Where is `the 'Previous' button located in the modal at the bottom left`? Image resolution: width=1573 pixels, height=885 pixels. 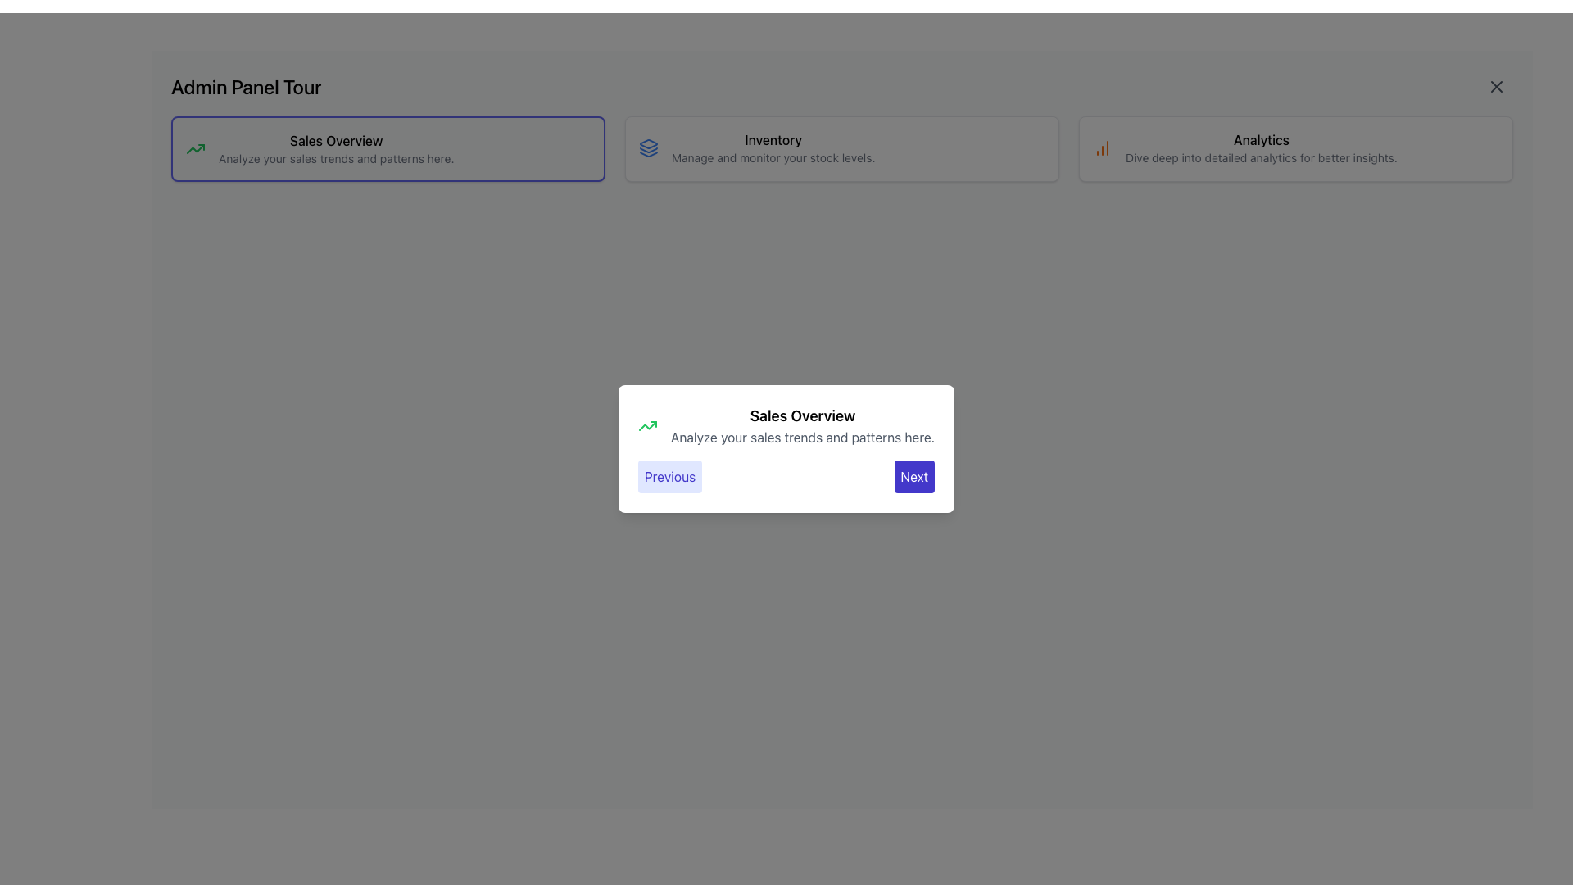
the 'Previous' button located in the modal at the bottom left is located at coordinates (669, 477).